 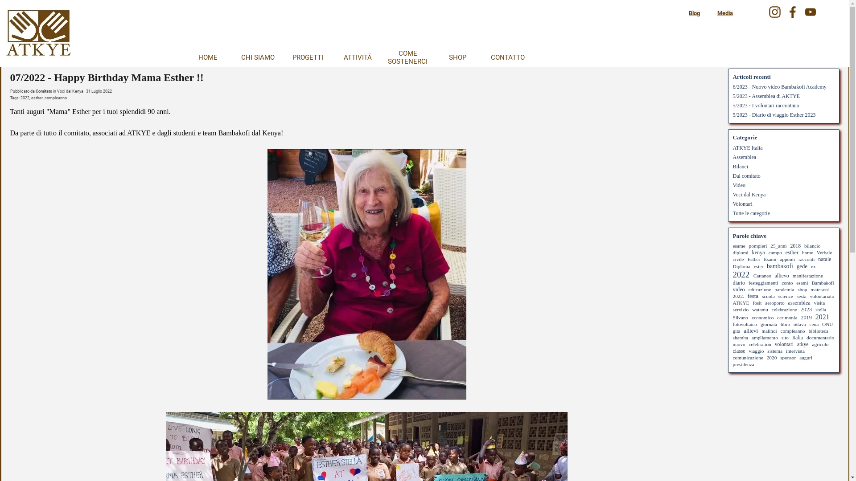 What do you see at coordinates (806, 317) in the screenshot?
I see `'2019'` at bounding box center [806, 317].